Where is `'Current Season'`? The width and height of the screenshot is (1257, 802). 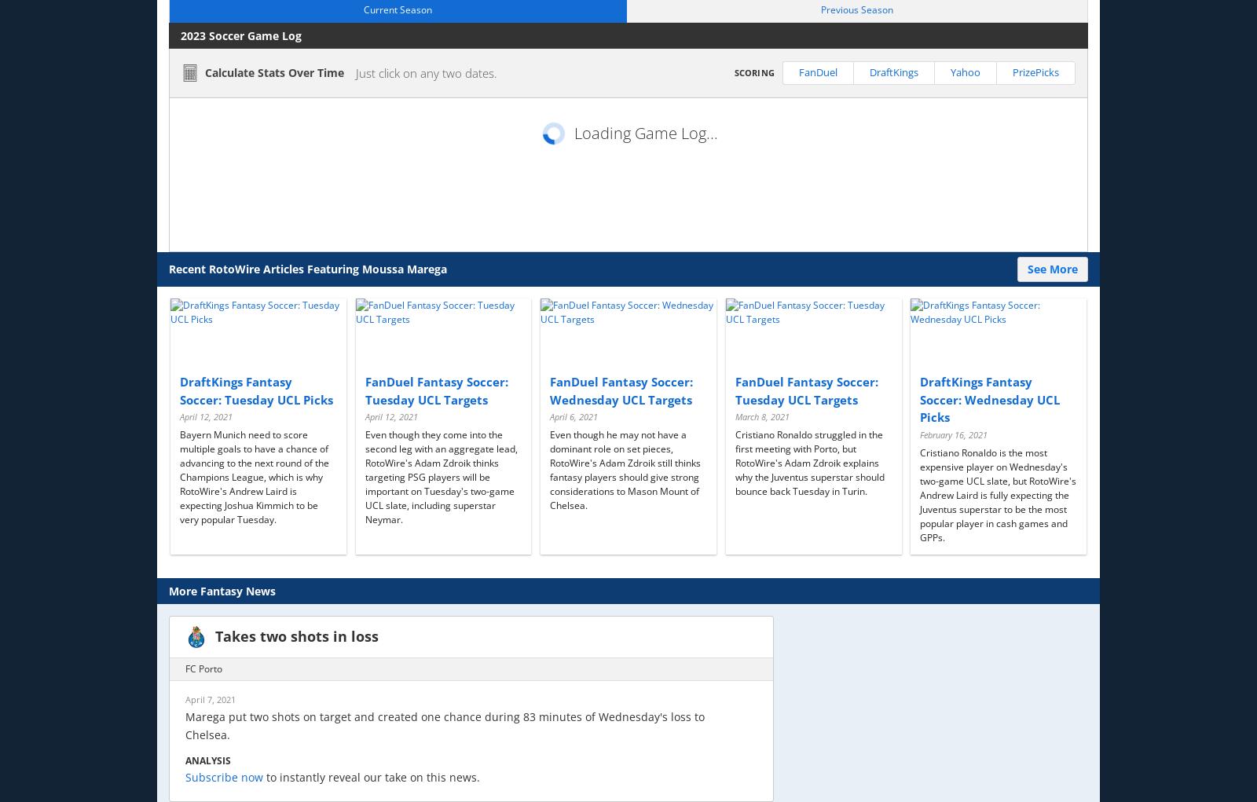
'Current Season' is located at coordinates (397, 9).